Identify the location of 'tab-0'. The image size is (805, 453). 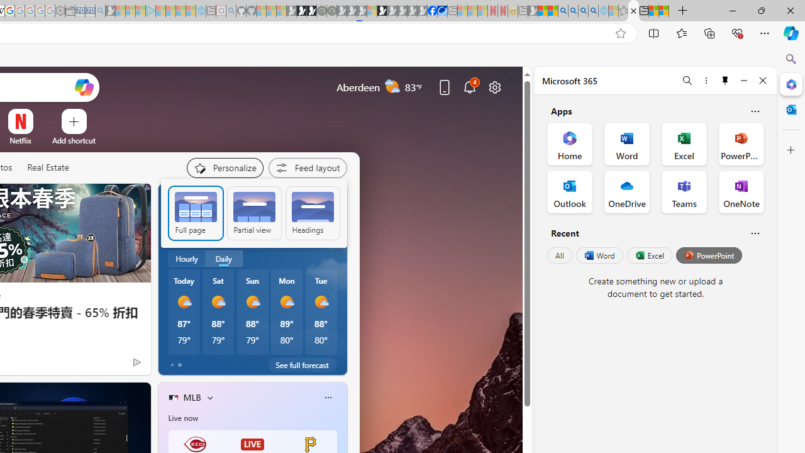
(171, 364).